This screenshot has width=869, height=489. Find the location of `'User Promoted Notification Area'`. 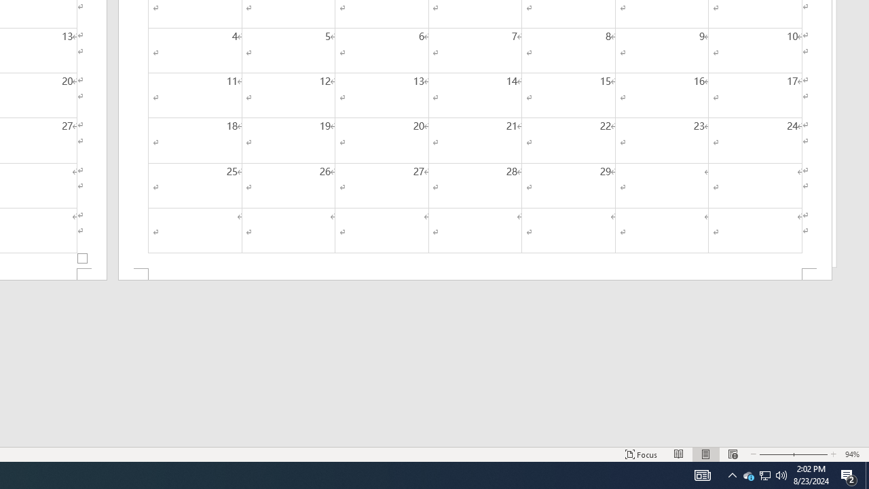

'User Promoted Notification Area' is located at coordinates (765, 474).